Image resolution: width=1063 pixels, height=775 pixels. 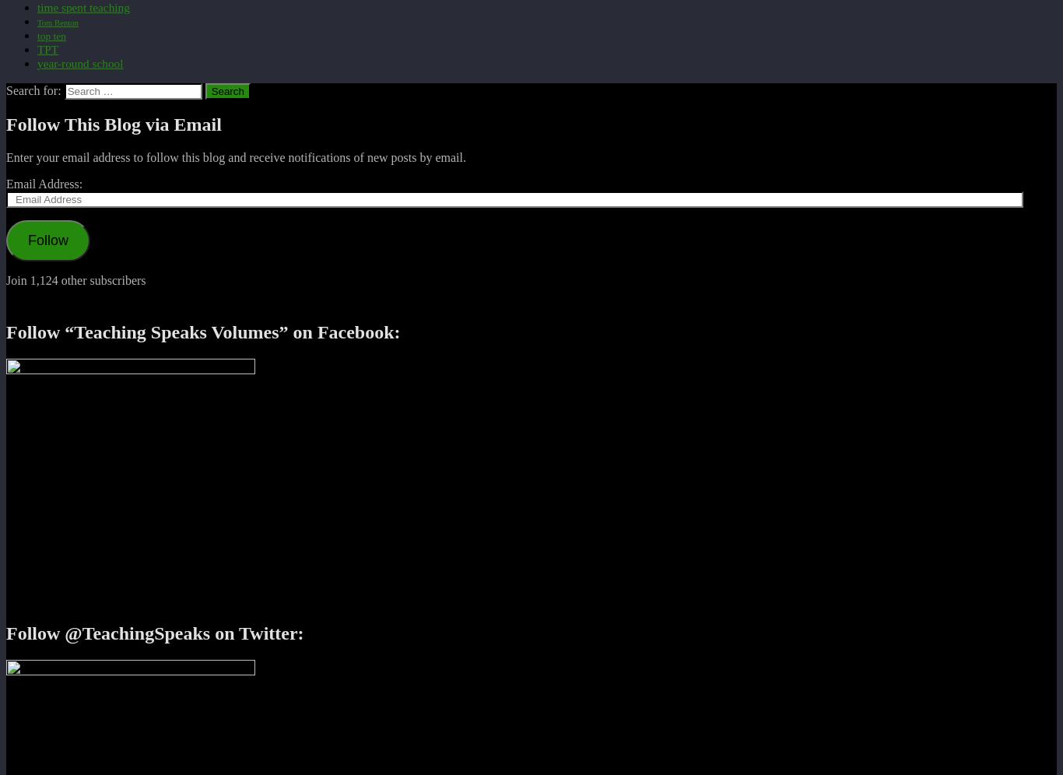 What do you see at coordinates (82, 6) in the screenshot?
I see `'time spent teaching'` at bounding box center [82, 6].